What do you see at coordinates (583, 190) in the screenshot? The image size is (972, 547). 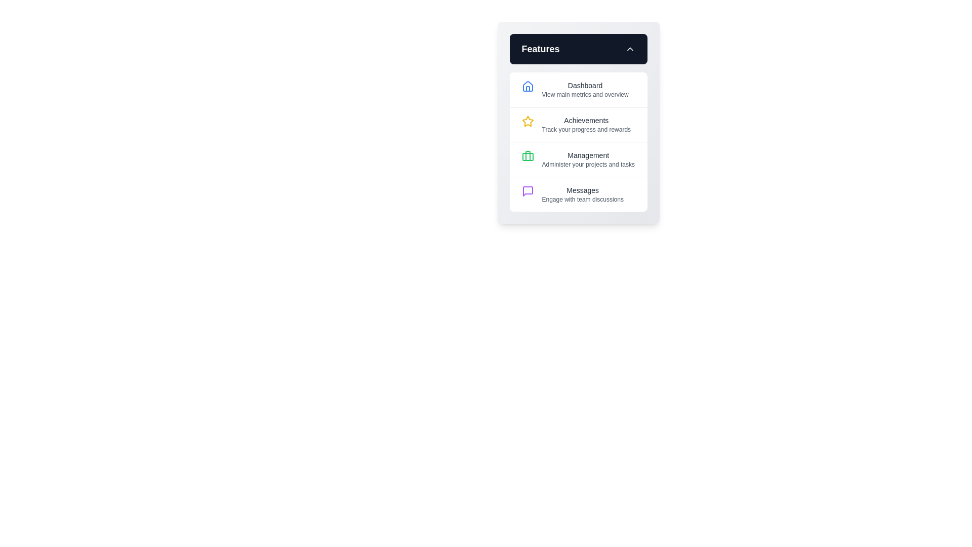 I see `text of the 'Messages' label, which is a selectable item in the vertical menu positioned below the 'Management' menu entry` at bounding box center [583, 190].